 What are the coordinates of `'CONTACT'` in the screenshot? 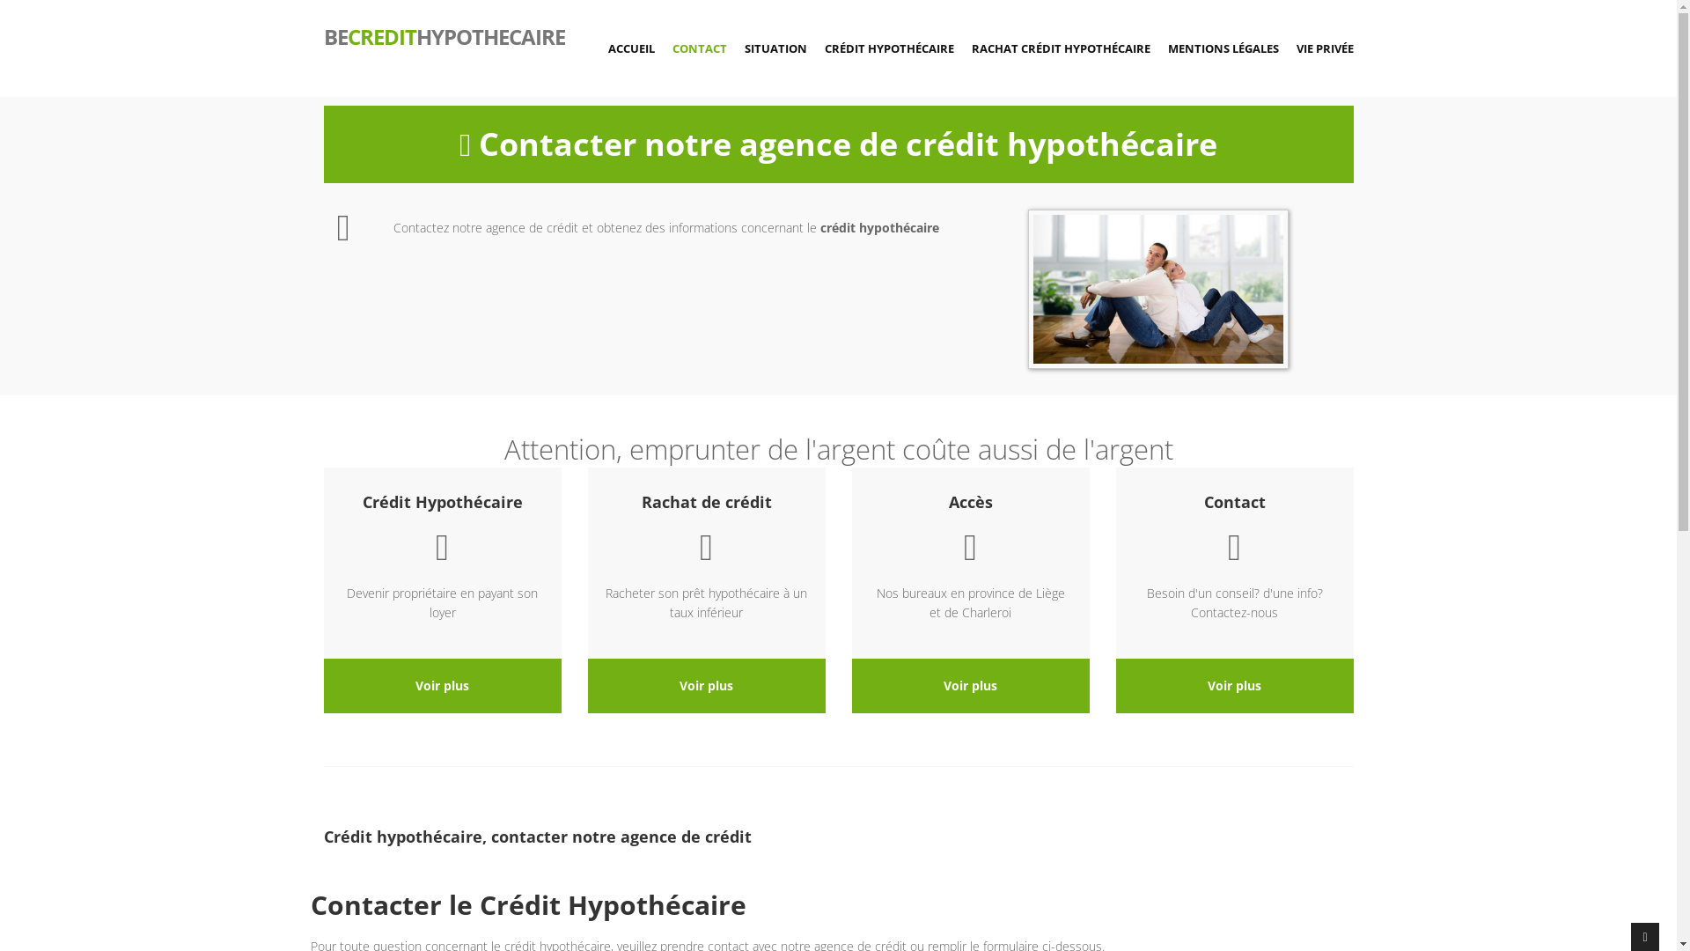 It's located at (699, 47).